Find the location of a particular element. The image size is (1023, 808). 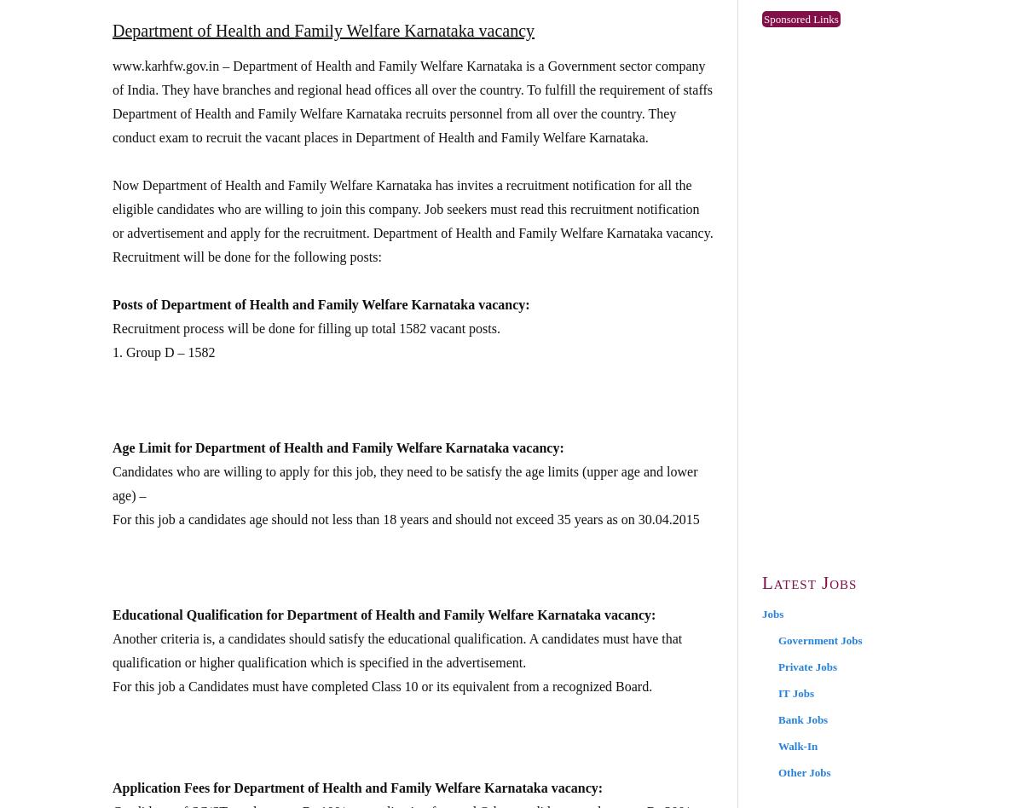

'Bank Jobs' is located at coordinates (803, 719).